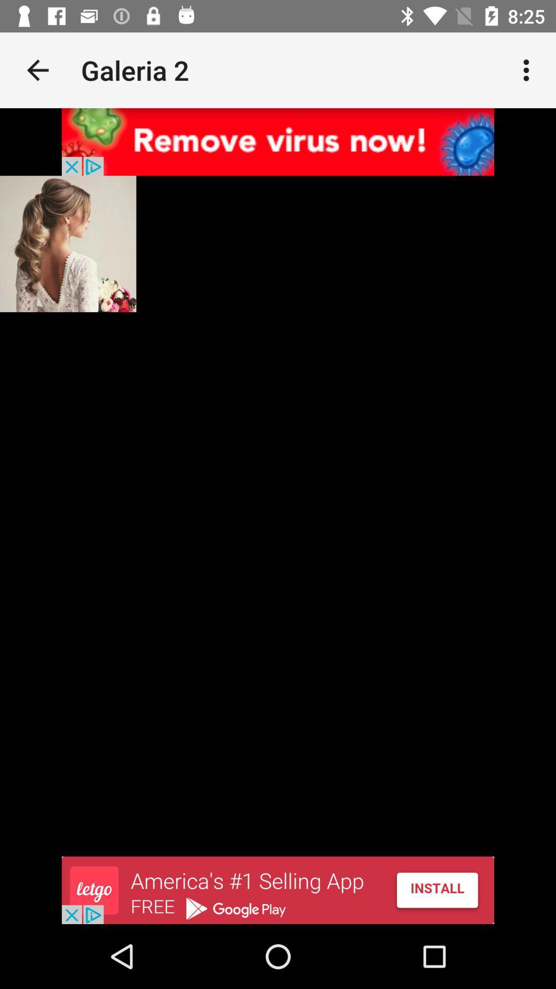 This screenshot has height=989, width=556. Describe the element at coordinates (278, 141) in the screenshot. I see `remove the virus in mobile` at that location.